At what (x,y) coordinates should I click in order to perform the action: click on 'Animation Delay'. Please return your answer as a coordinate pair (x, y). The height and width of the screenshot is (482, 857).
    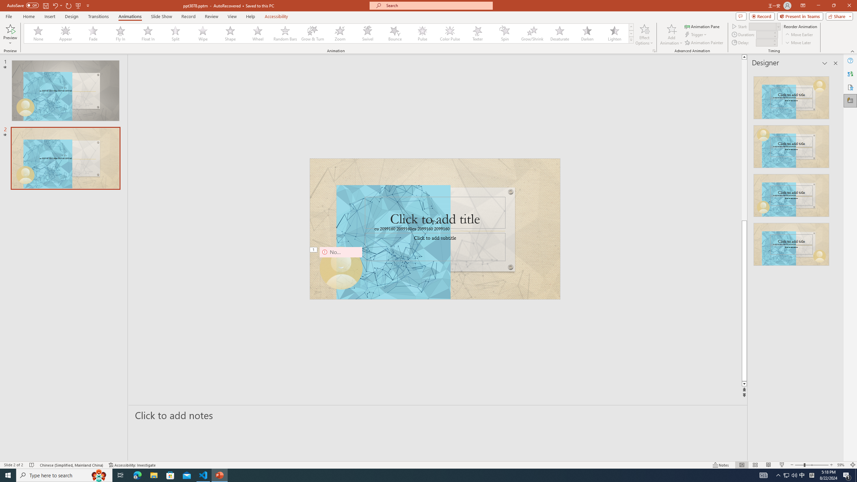
    Looking at the image, I should click on (763, 42).